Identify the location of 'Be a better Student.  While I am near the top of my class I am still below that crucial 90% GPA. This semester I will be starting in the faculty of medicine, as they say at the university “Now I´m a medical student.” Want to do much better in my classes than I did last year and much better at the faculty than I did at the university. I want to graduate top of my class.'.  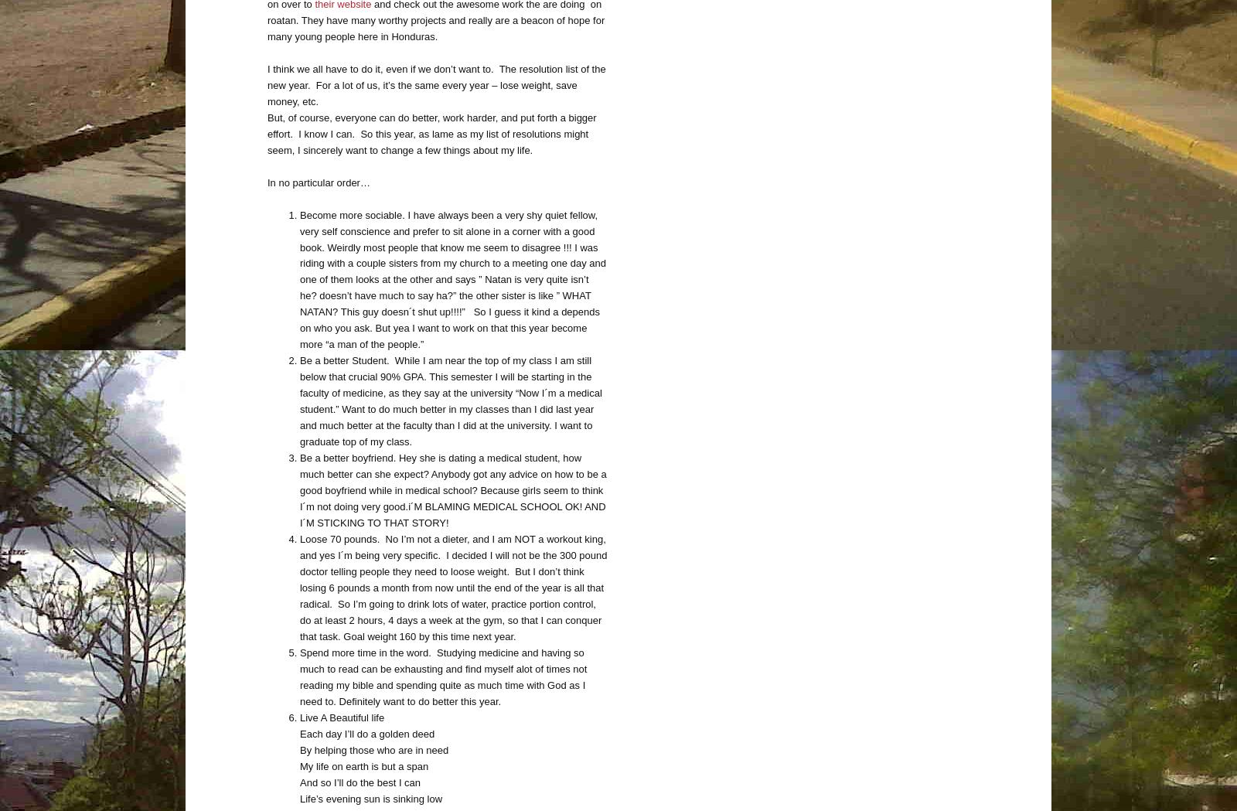
(449, 400).